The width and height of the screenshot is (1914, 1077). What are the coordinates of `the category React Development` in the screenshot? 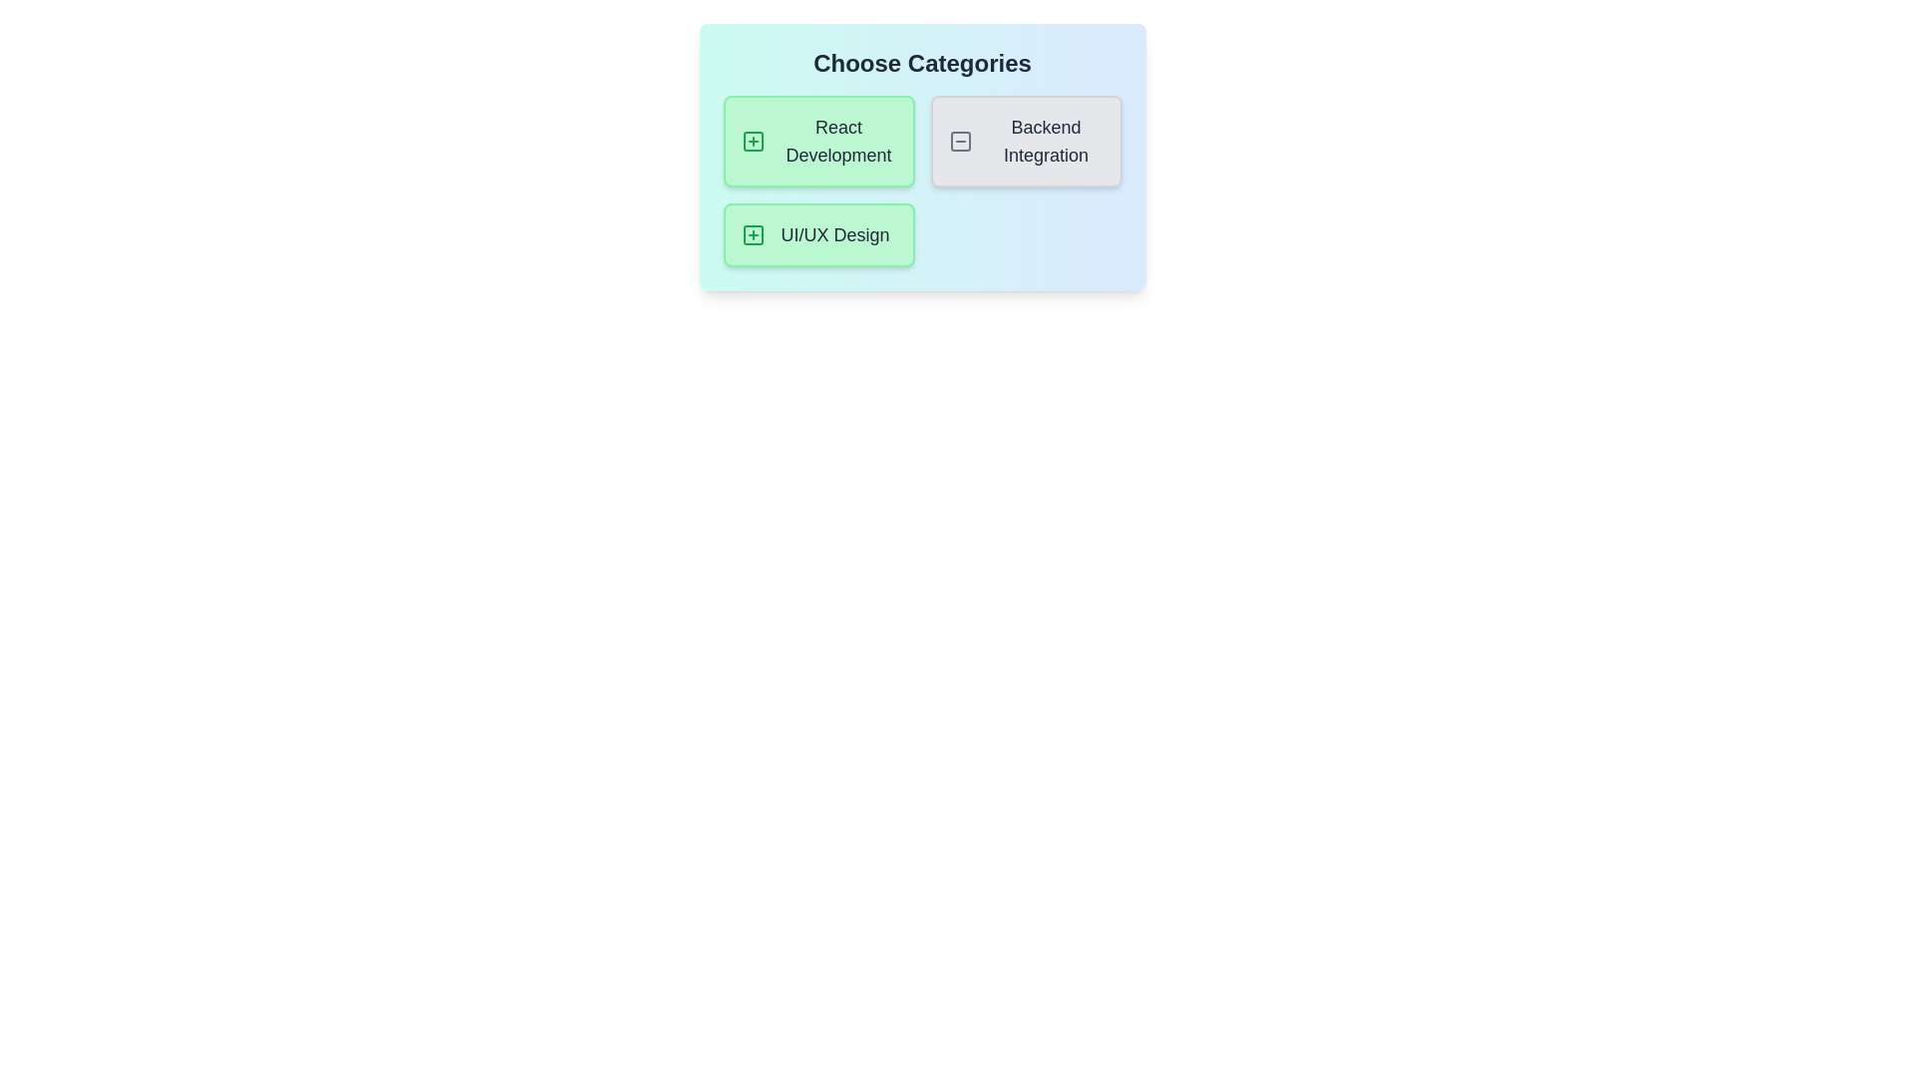 It's located at (818, 141).